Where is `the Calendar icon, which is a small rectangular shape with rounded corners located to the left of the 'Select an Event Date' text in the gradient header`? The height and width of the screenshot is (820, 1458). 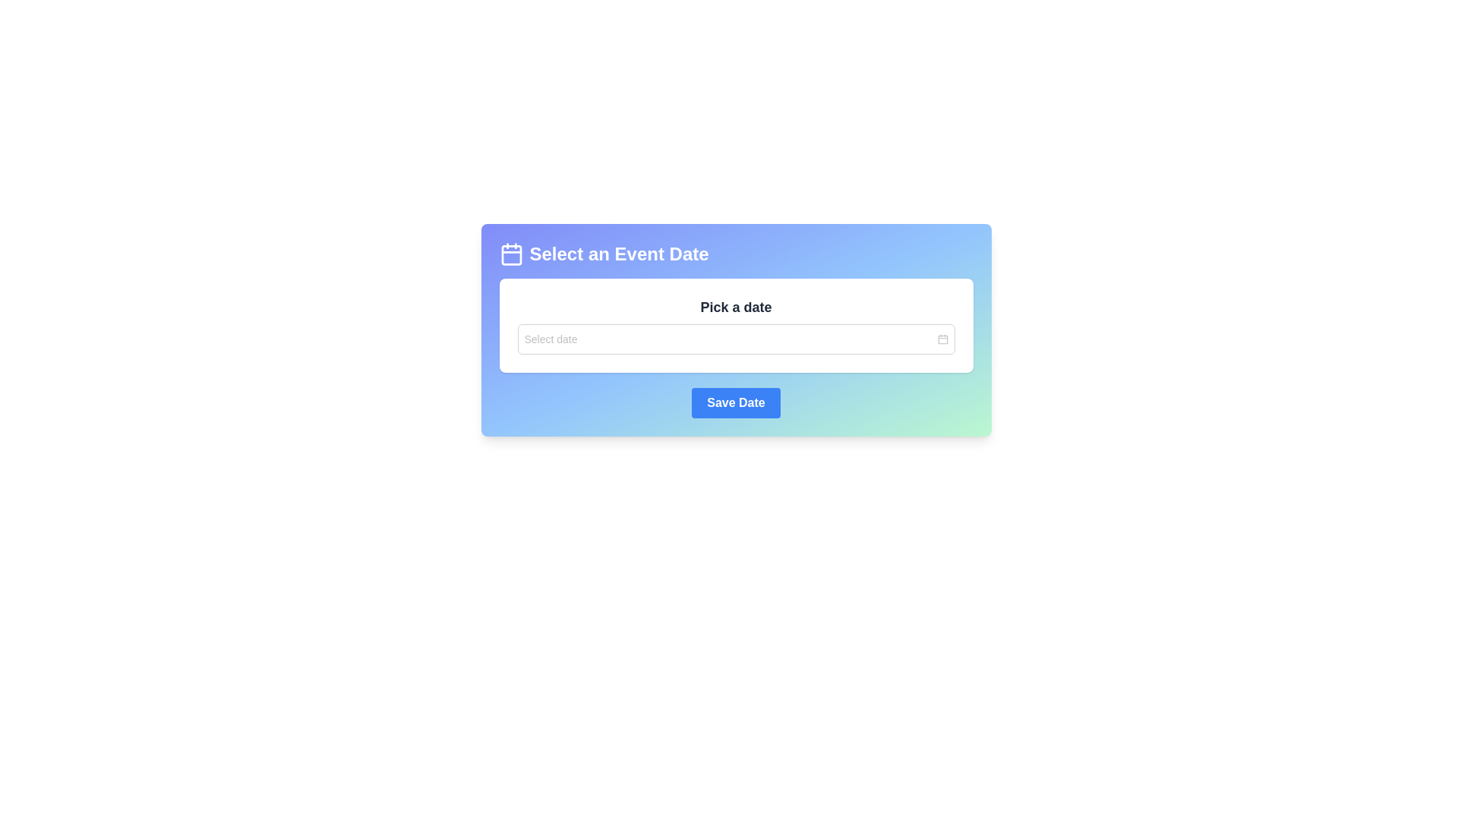
the Calendar icon, which is a small rectangular shape with rounded corners located to the left of the 'Select an Event Date' text in the gradient header is located at coordinates (511, 254).